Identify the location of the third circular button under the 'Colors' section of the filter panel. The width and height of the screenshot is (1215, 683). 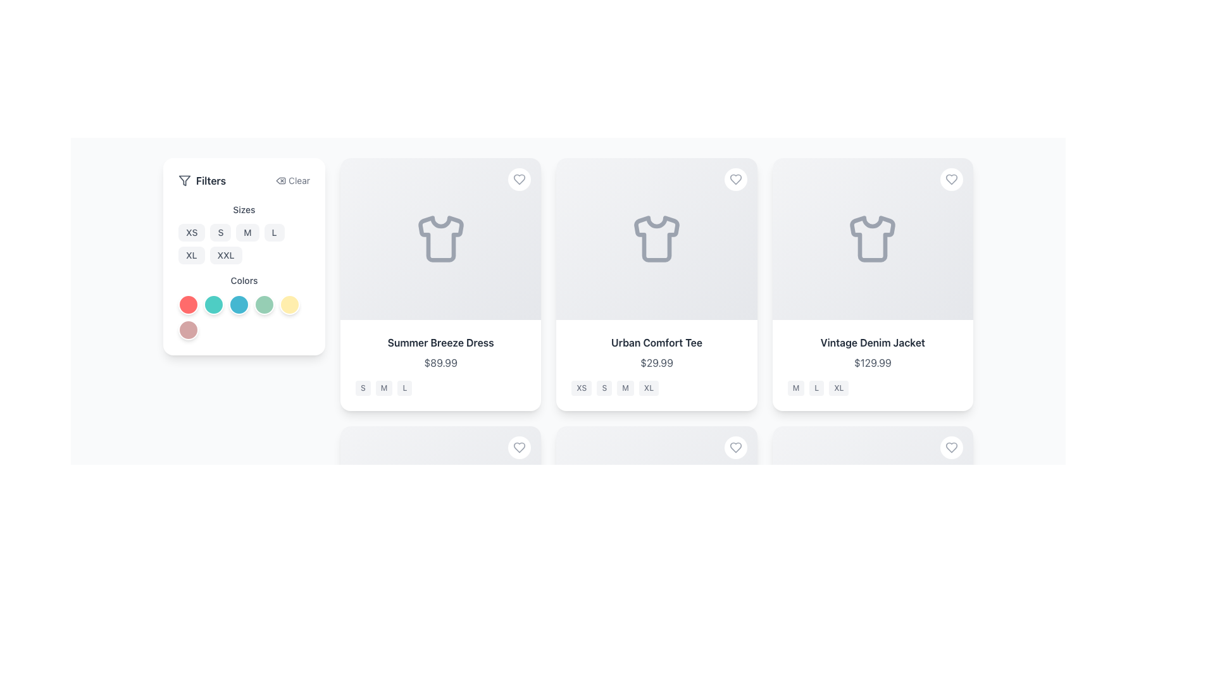
(239, 305).